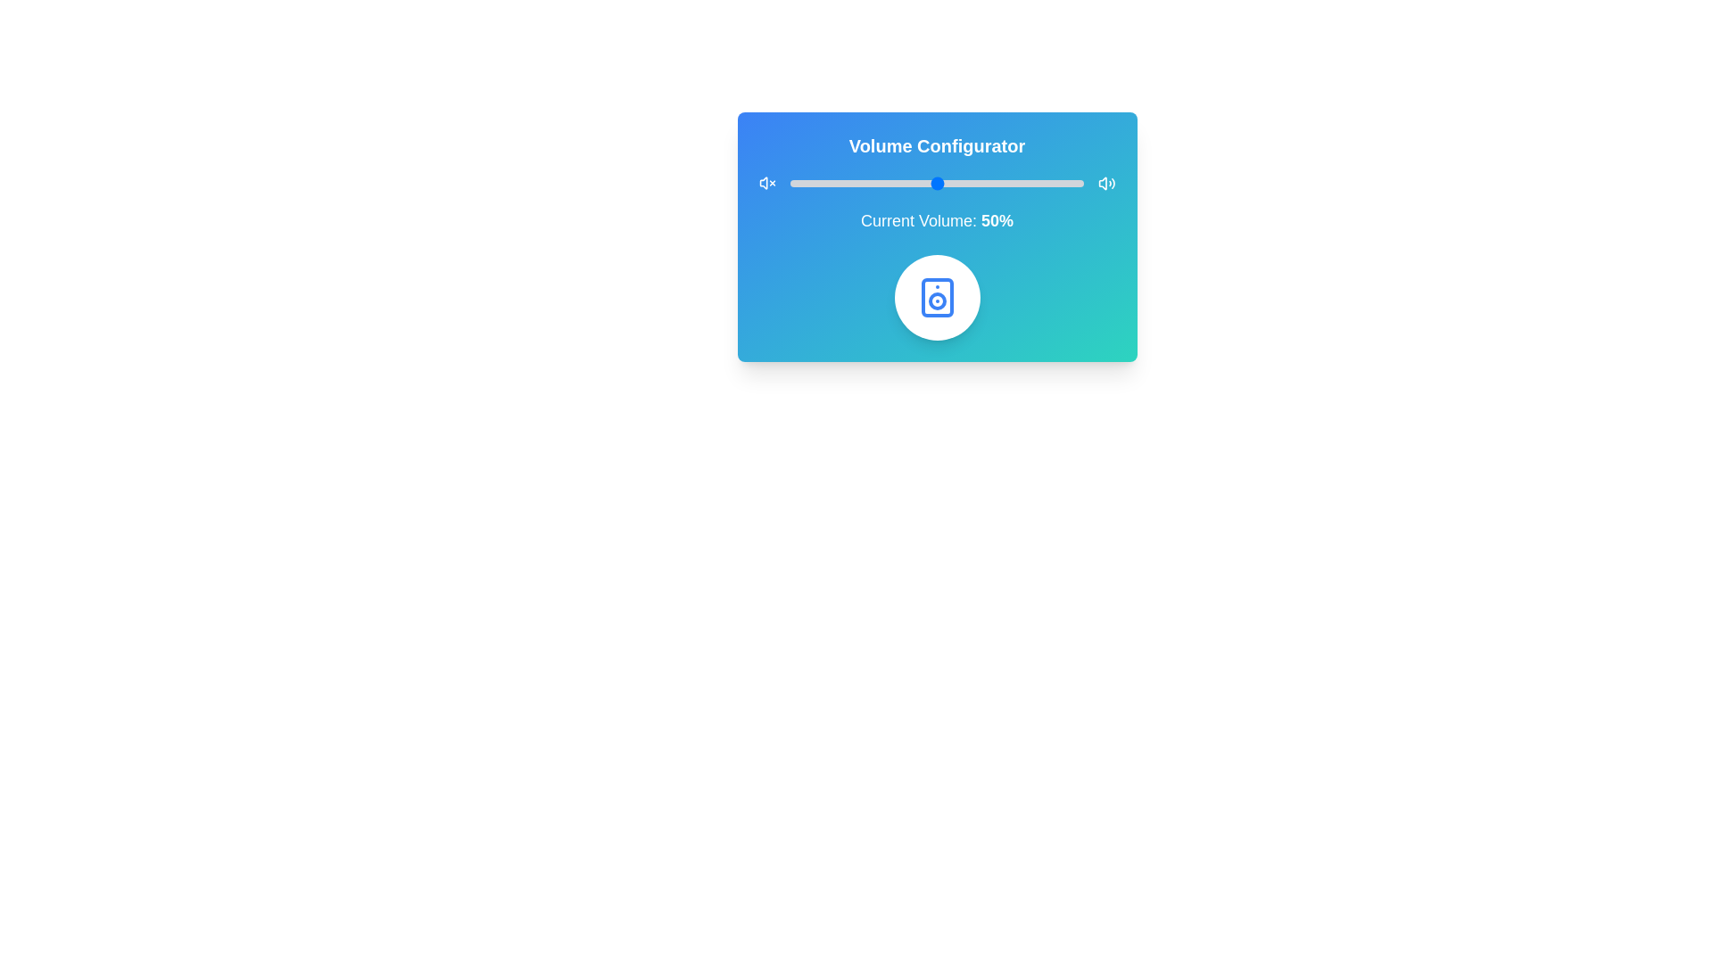 The height and width of the screenshot is (963, 1713). What do you see at coordinates (1073, 183) in the screenshot?
I see `the volume slider to set the volume to 97%` at bounding box center [1073, 183].